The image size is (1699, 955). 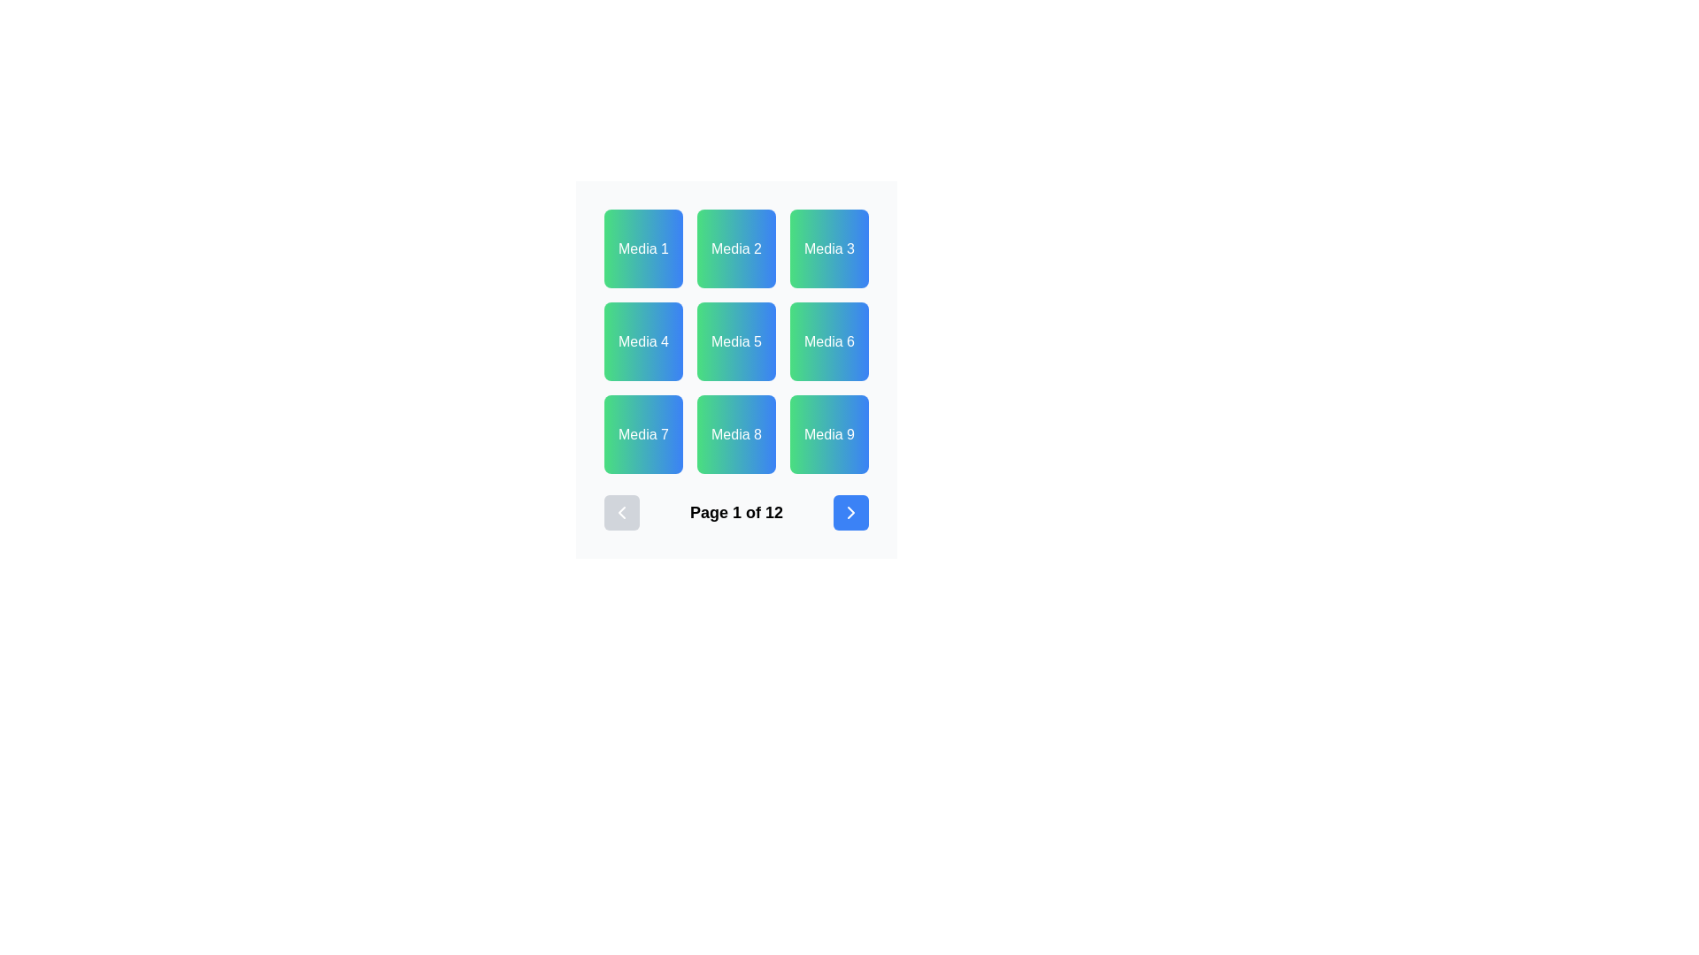 I want to click on the non-interactive tile labeled 'Media 8', so click(x=736, y=434).